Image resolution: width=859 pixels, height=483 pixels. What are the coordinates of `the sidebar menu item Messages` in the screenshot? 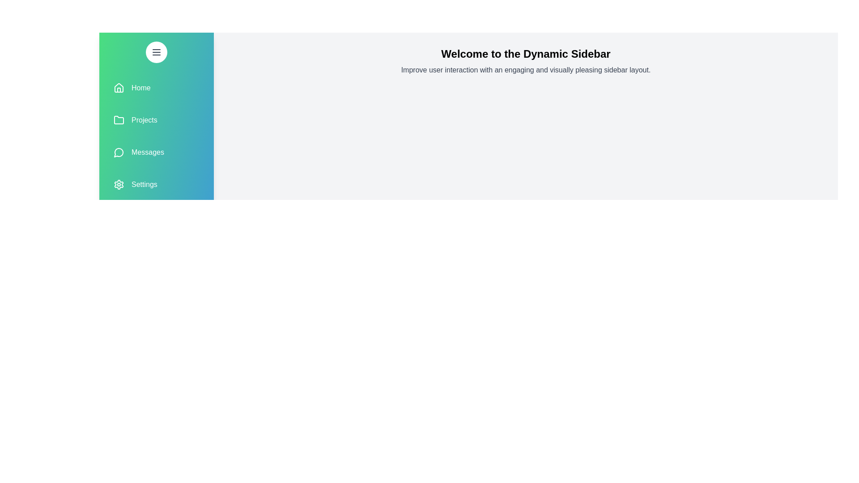 It's located at (157, 152).